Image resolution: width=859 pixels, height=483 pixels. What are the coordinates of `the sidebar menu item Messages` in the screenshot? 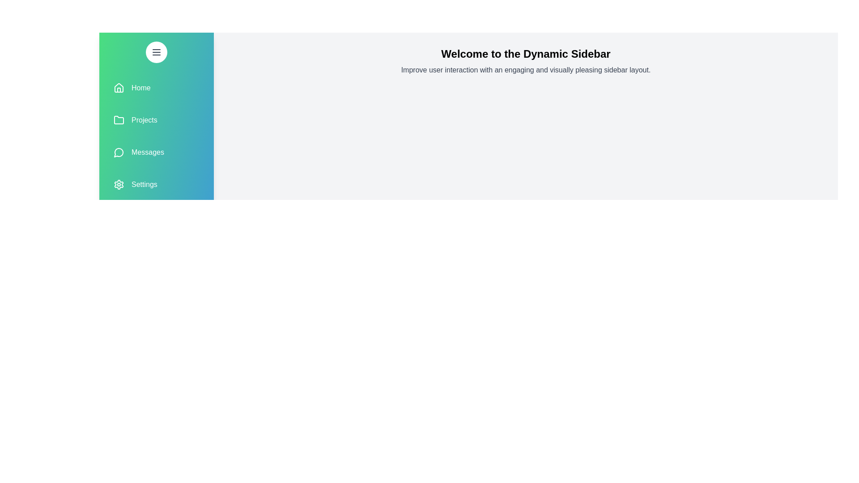 It's located at (157, 152).